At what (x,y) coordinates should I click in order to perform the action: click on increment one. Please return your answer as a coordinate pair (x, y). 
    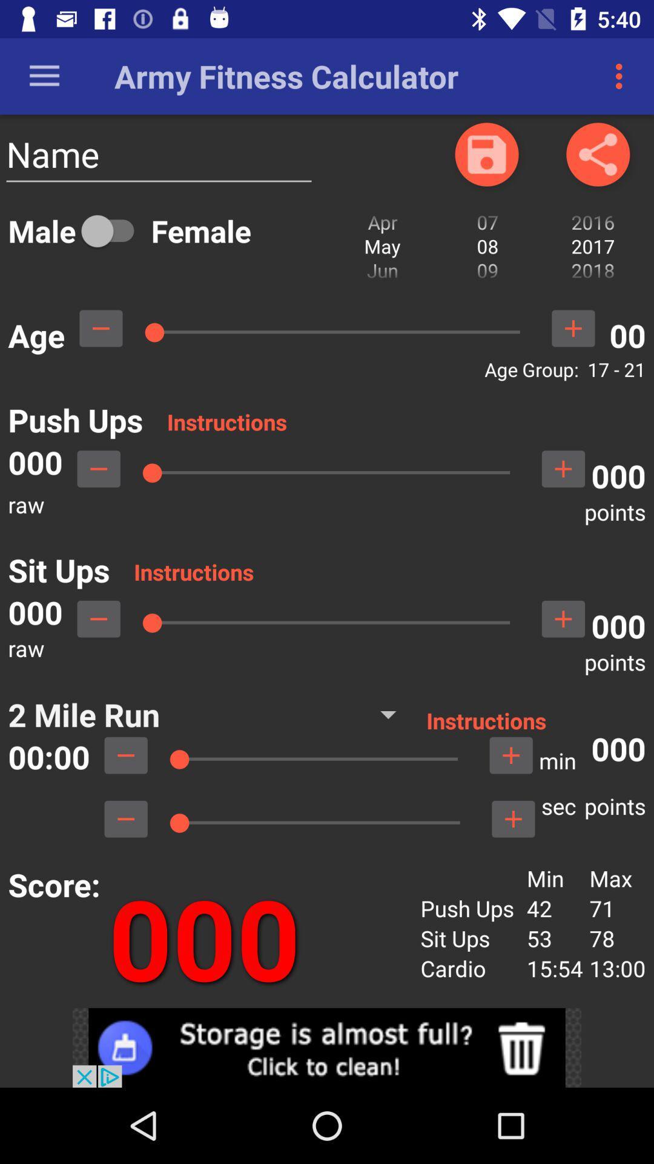
    Looking at the image, I should click on (563, 619).